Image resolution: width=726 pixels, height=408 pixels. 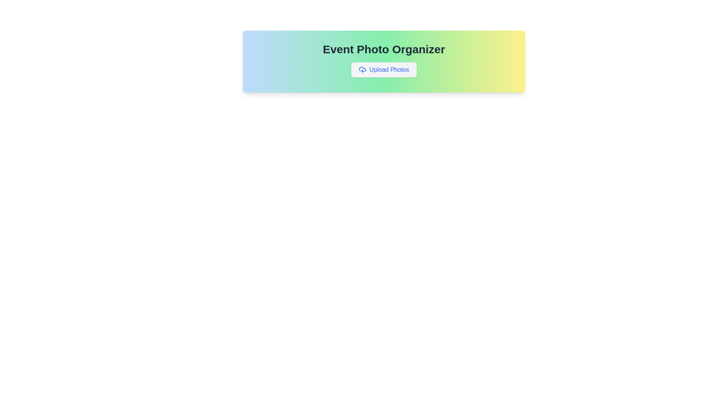 What do you see at coordinates (384, 70) in the screenshot?
I see `the blue 'Upload Photos' button with a cloud upload icon` at bounding box center [384, 70].